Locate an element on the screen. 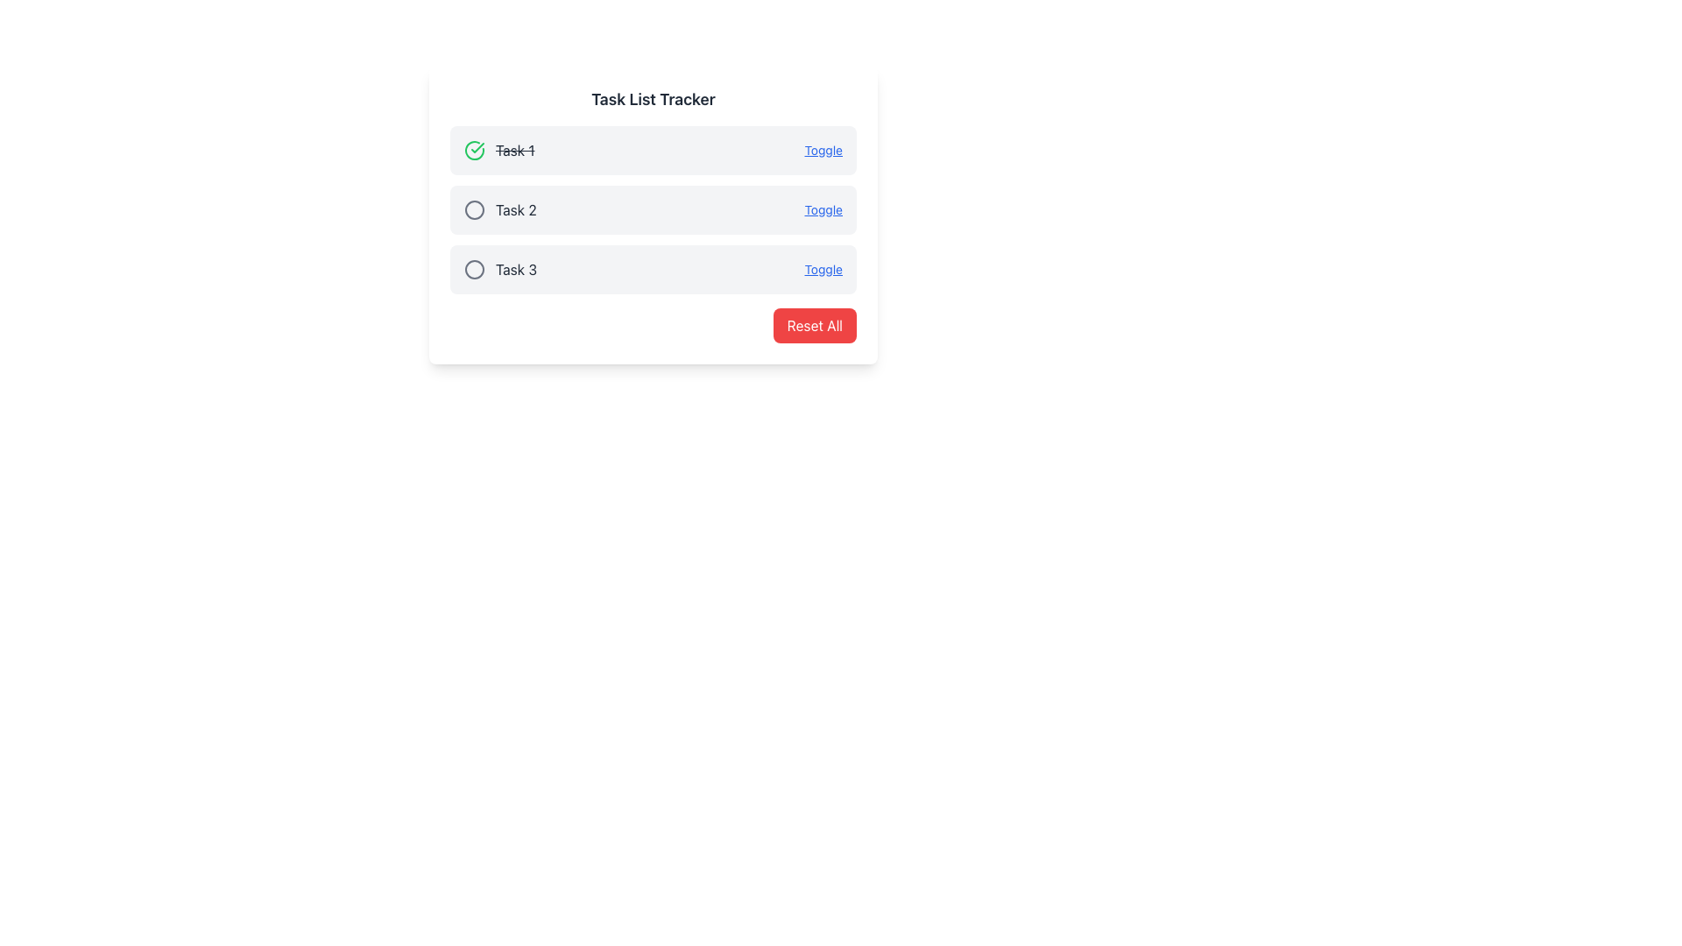  the leftmost icon in the second task row of the task list is located at coordinates (475, 208).